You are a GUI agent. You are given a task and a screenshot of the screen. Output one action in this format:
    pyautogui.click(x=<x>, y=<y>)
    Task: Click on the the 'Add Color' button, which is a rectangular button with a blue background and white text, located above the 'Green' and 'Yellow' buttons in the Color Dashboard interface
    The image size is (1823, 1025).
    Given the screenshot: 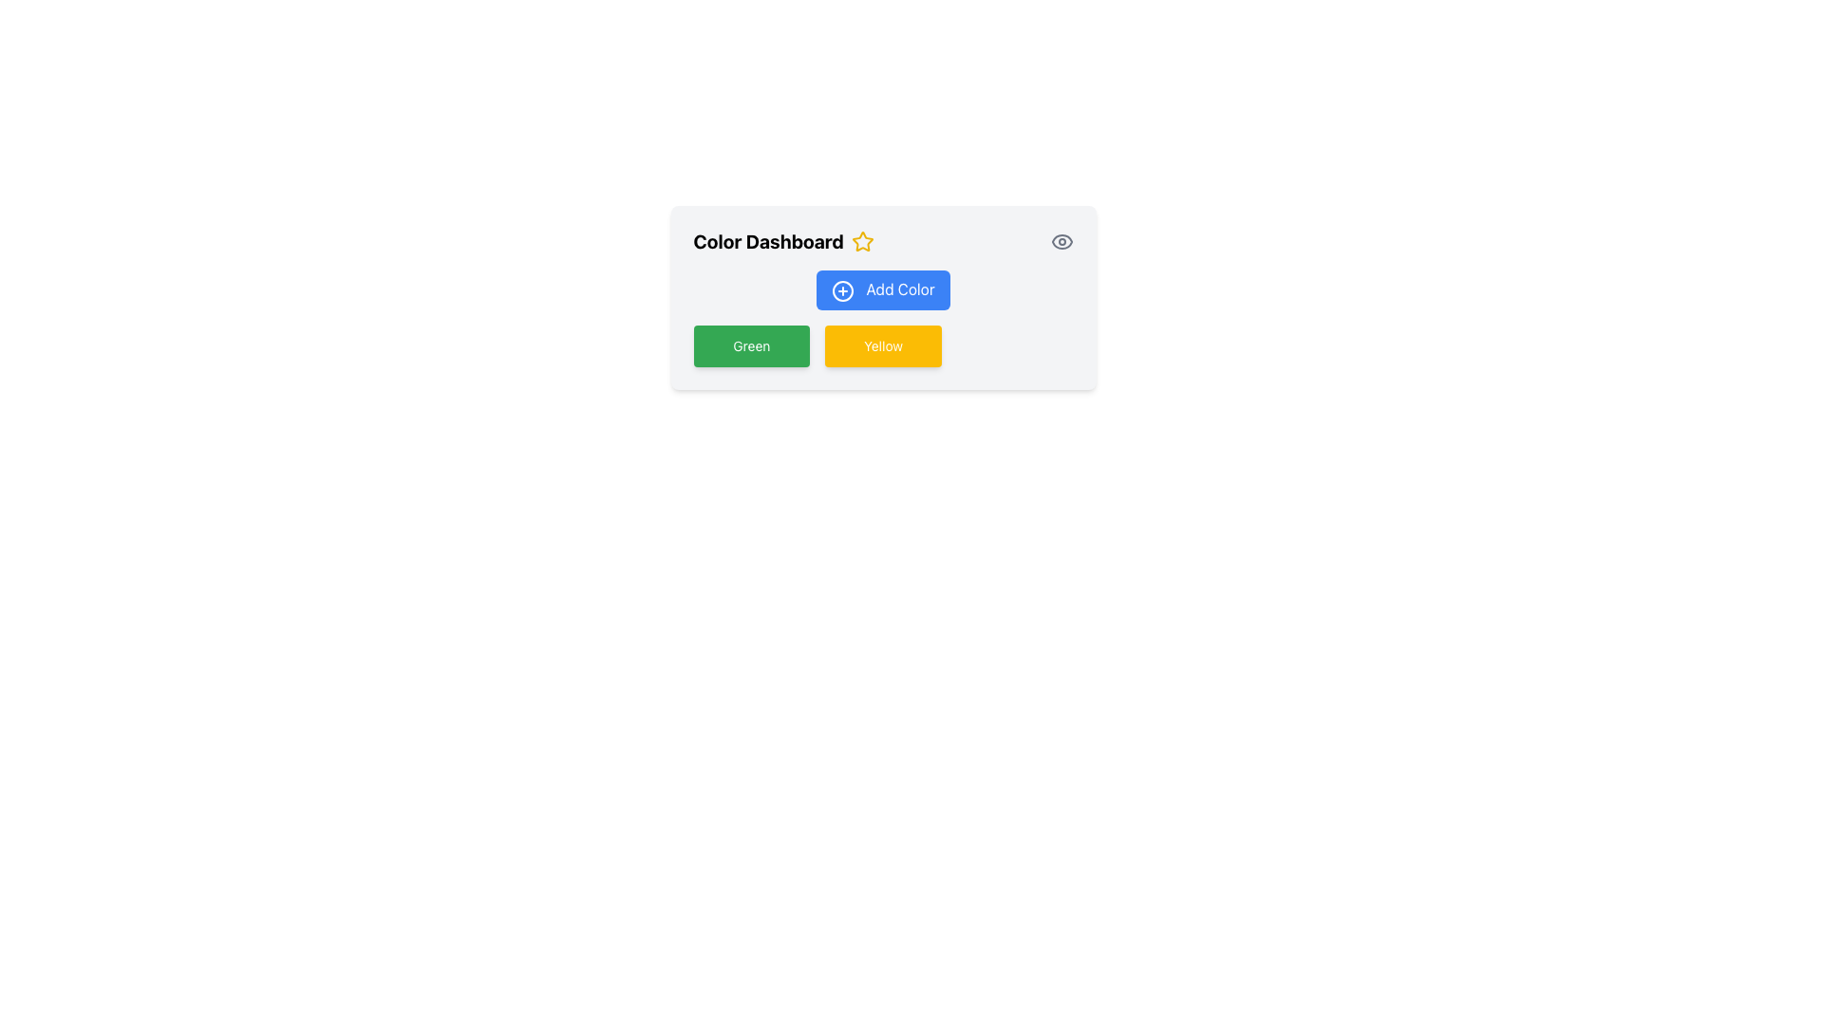 What is the action you would take?
    pyautogui.click(x=882, y=289)
    